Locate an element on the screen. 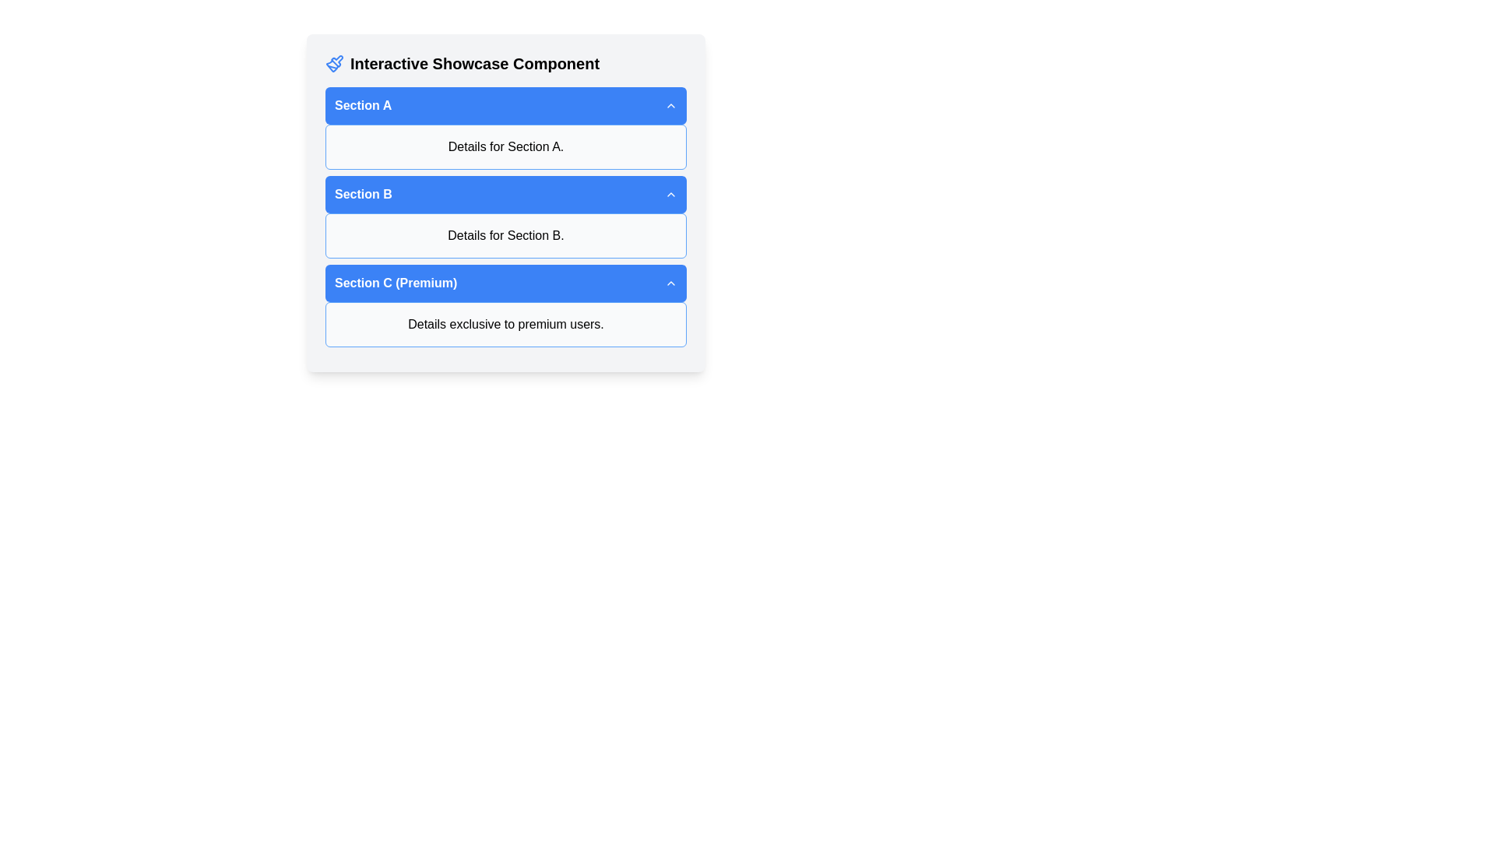  the title text label that serves as a heading for the section, located at the top of the section above the collapsible panels labeled Section A, Section B, and Section C (Premium) is located at coordinates (505, 62).